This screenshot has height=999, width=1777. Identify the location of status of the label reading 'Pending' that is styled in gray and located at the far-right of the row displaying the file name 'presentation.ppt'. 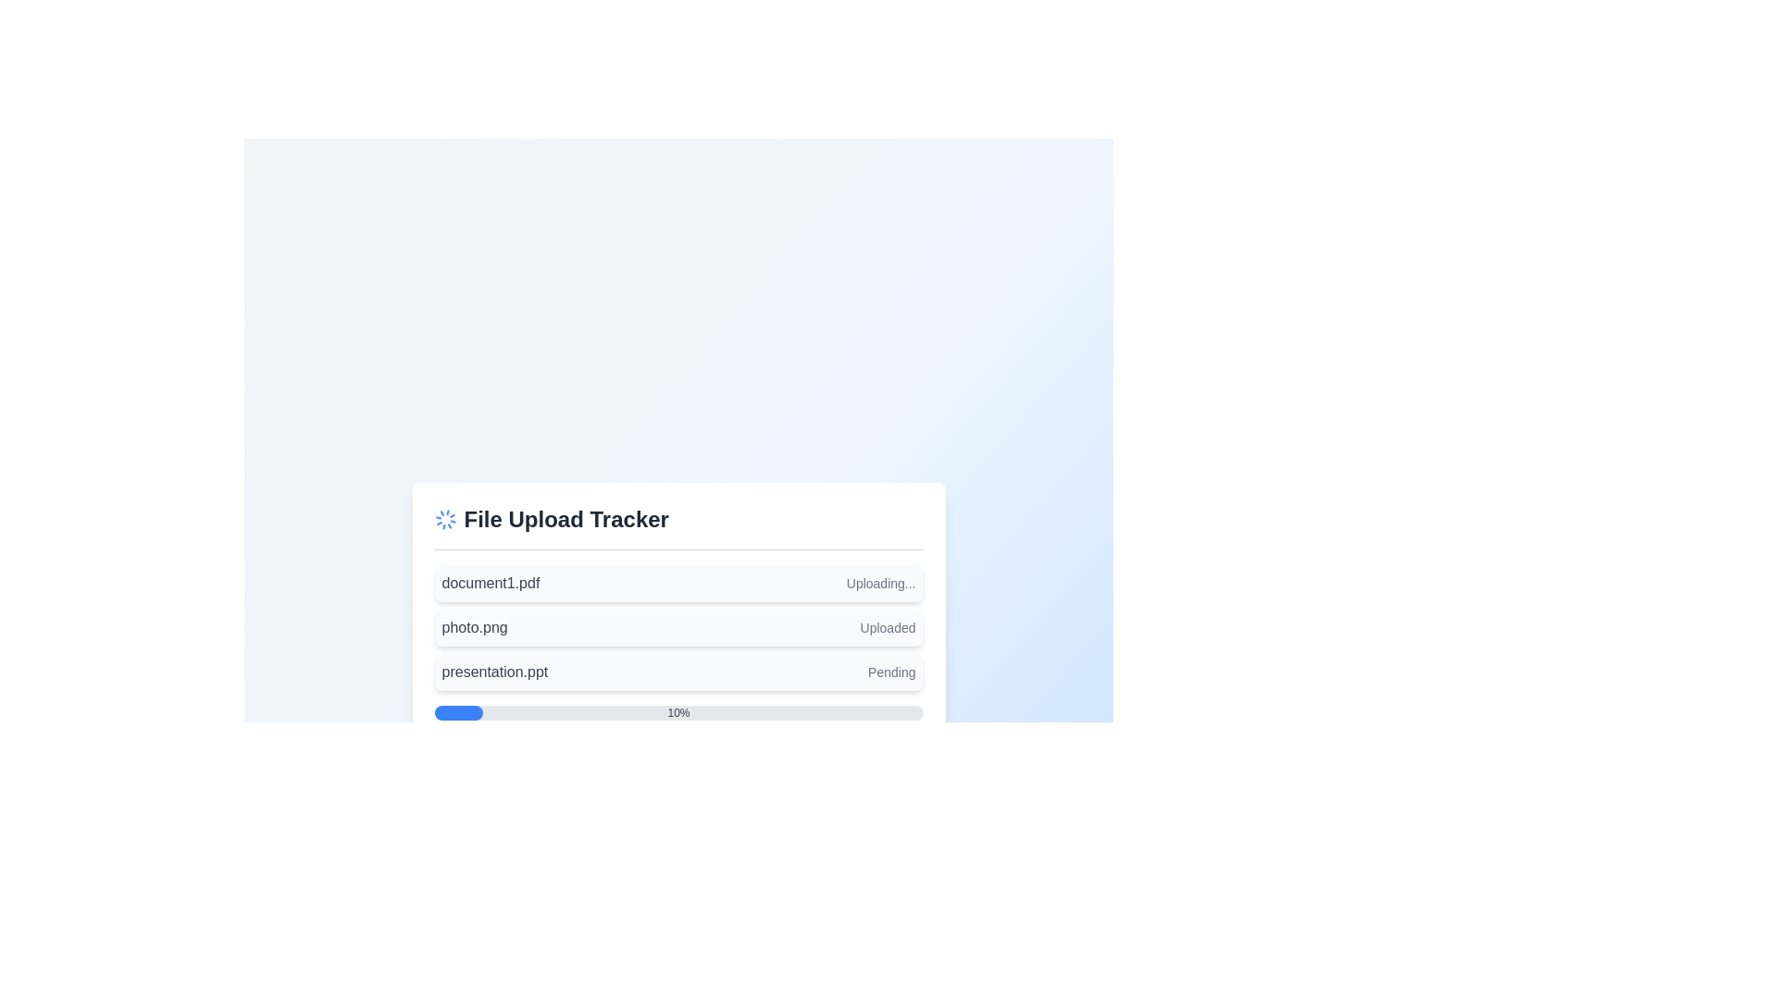
(891, 672).